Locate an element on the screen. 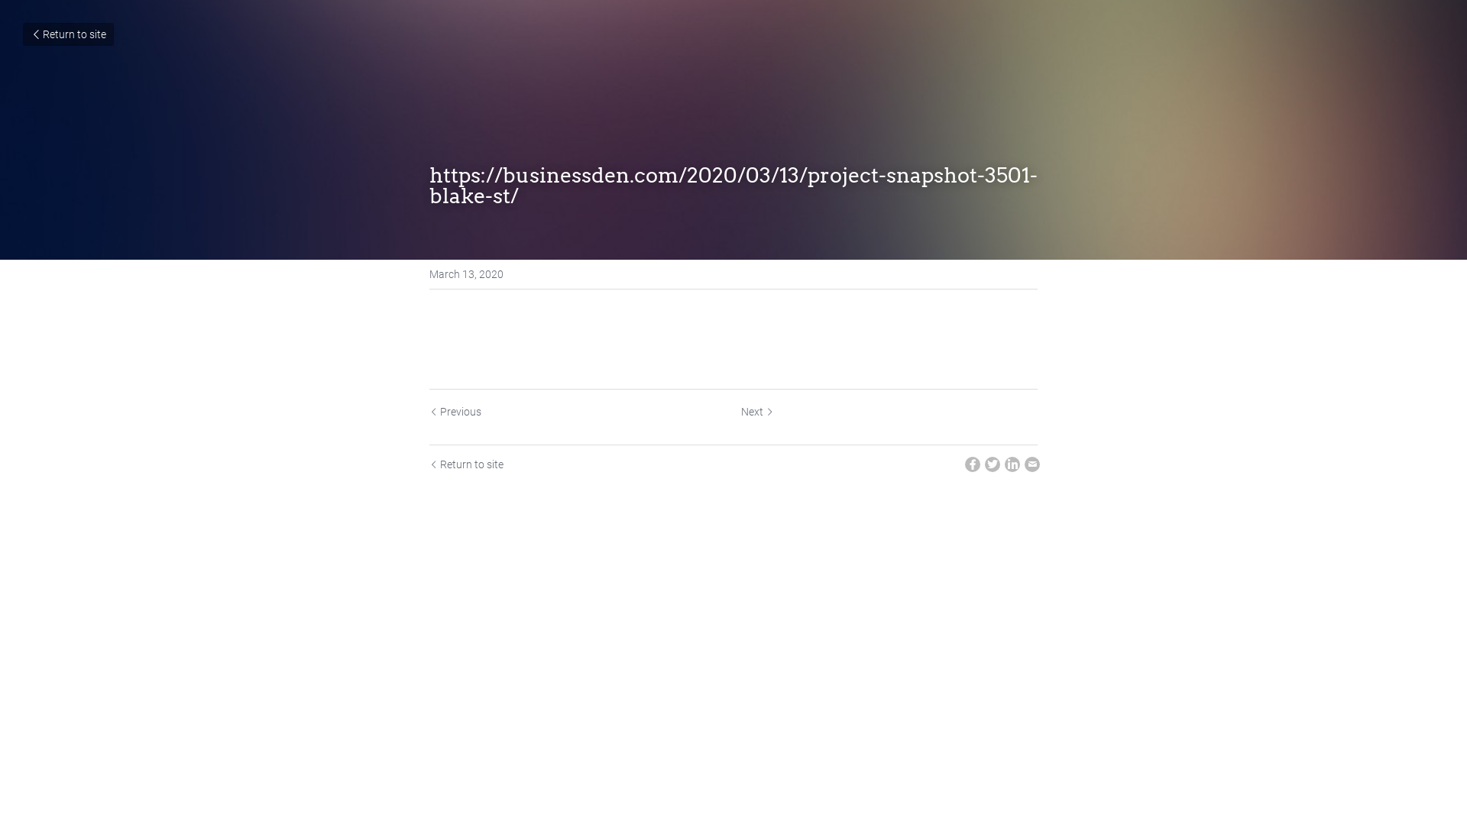  'Next' is located at coordinates (757, 411).